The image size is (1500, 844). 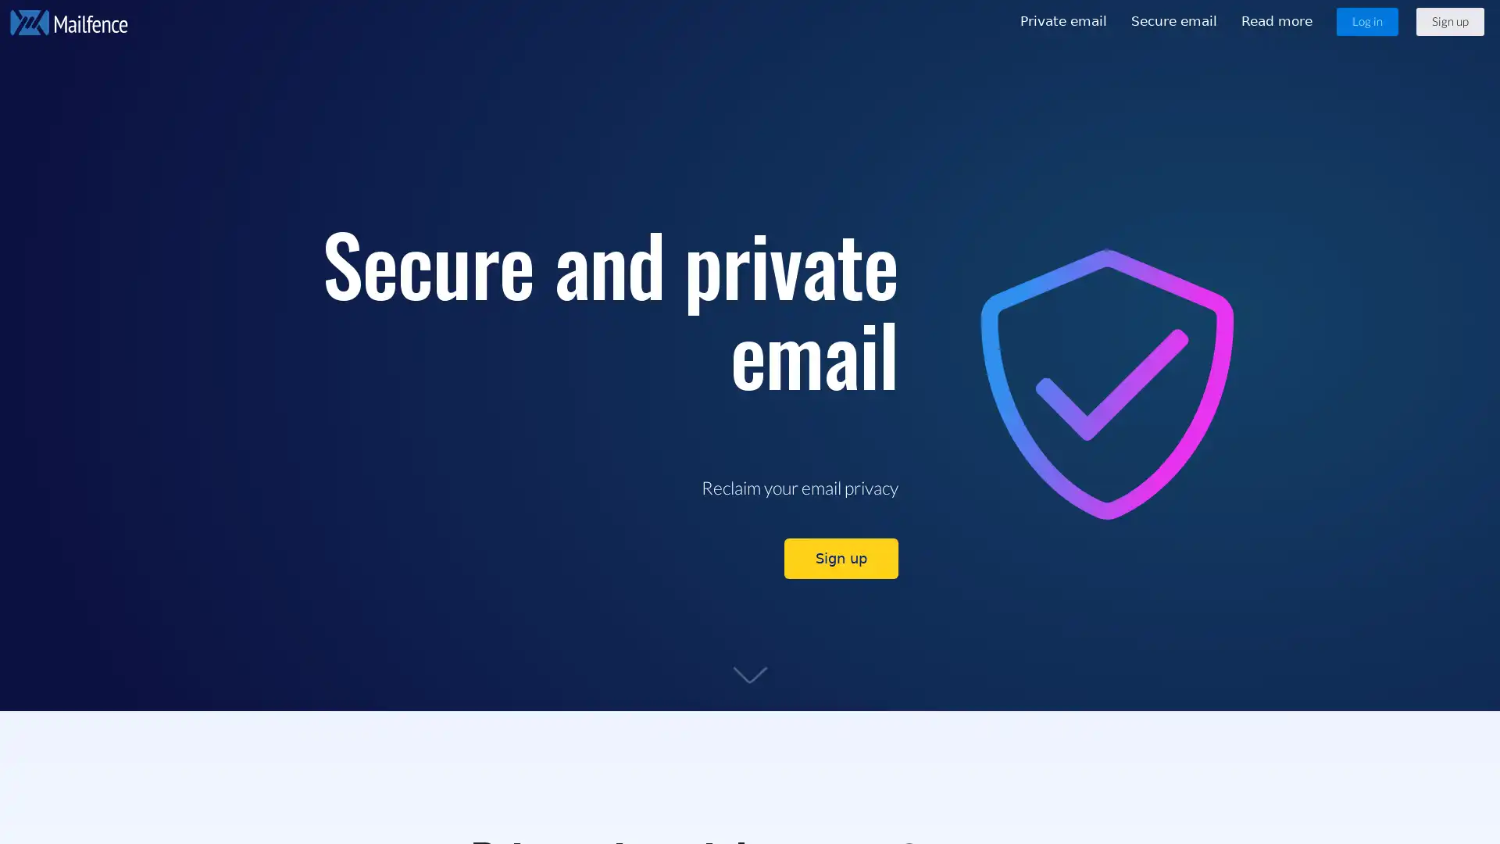 I want to click on button, so click(x=1366, y=21).